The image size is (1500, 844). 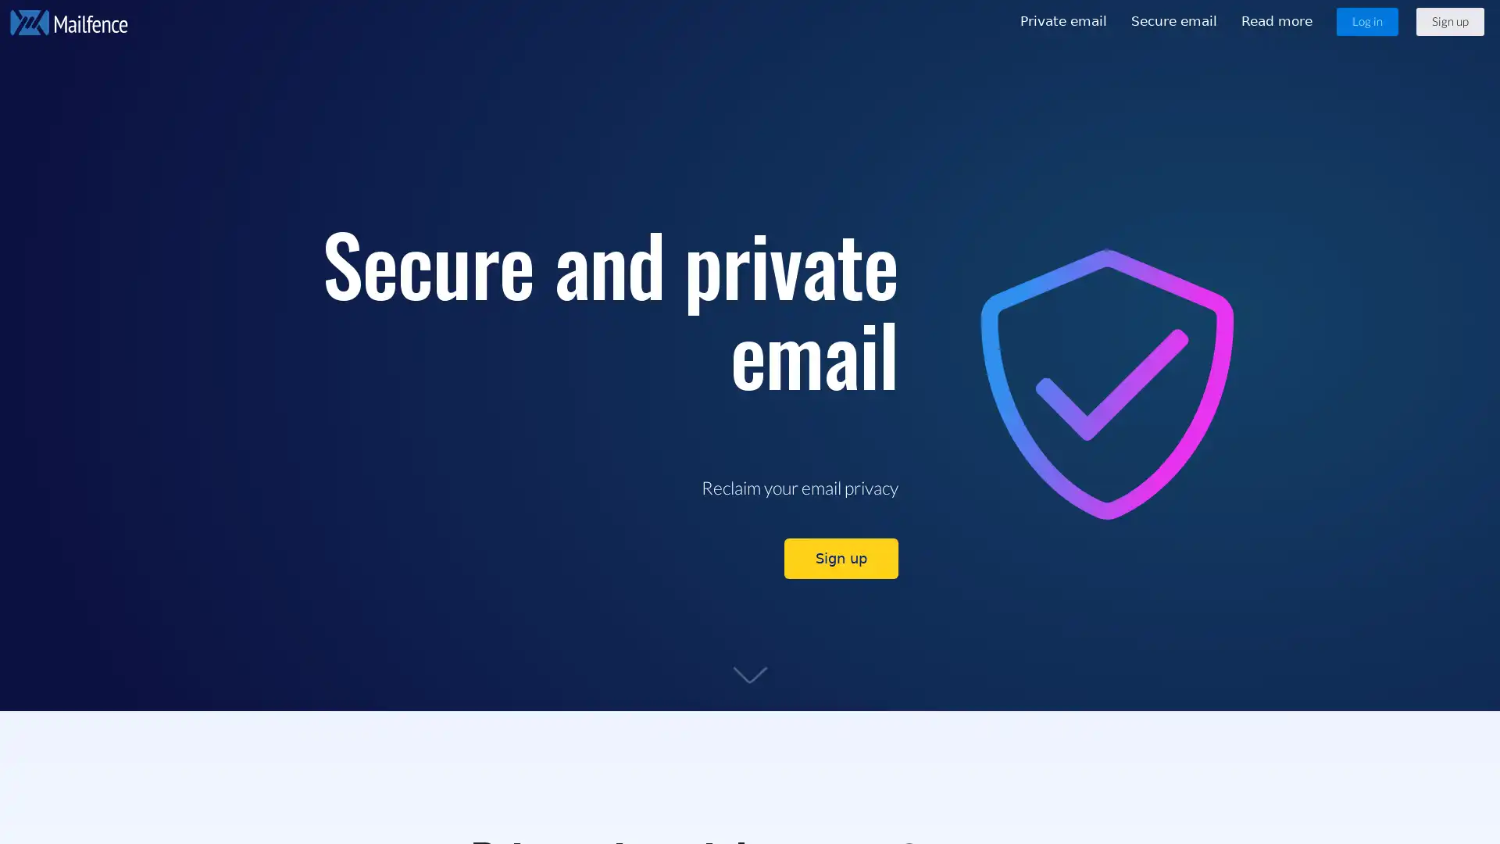 I want to click on button, so click(x=1366, y=21).